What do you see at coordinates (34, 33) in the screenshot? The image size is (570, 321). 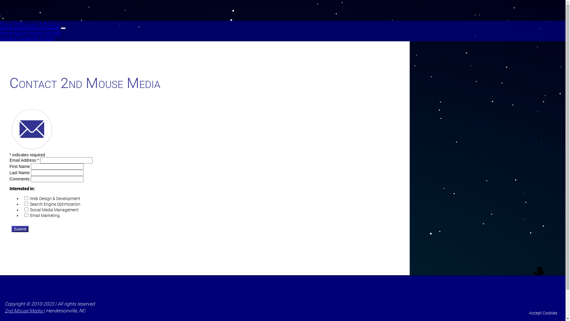 I see `'Pricing'` at bounding box center [34, 33].